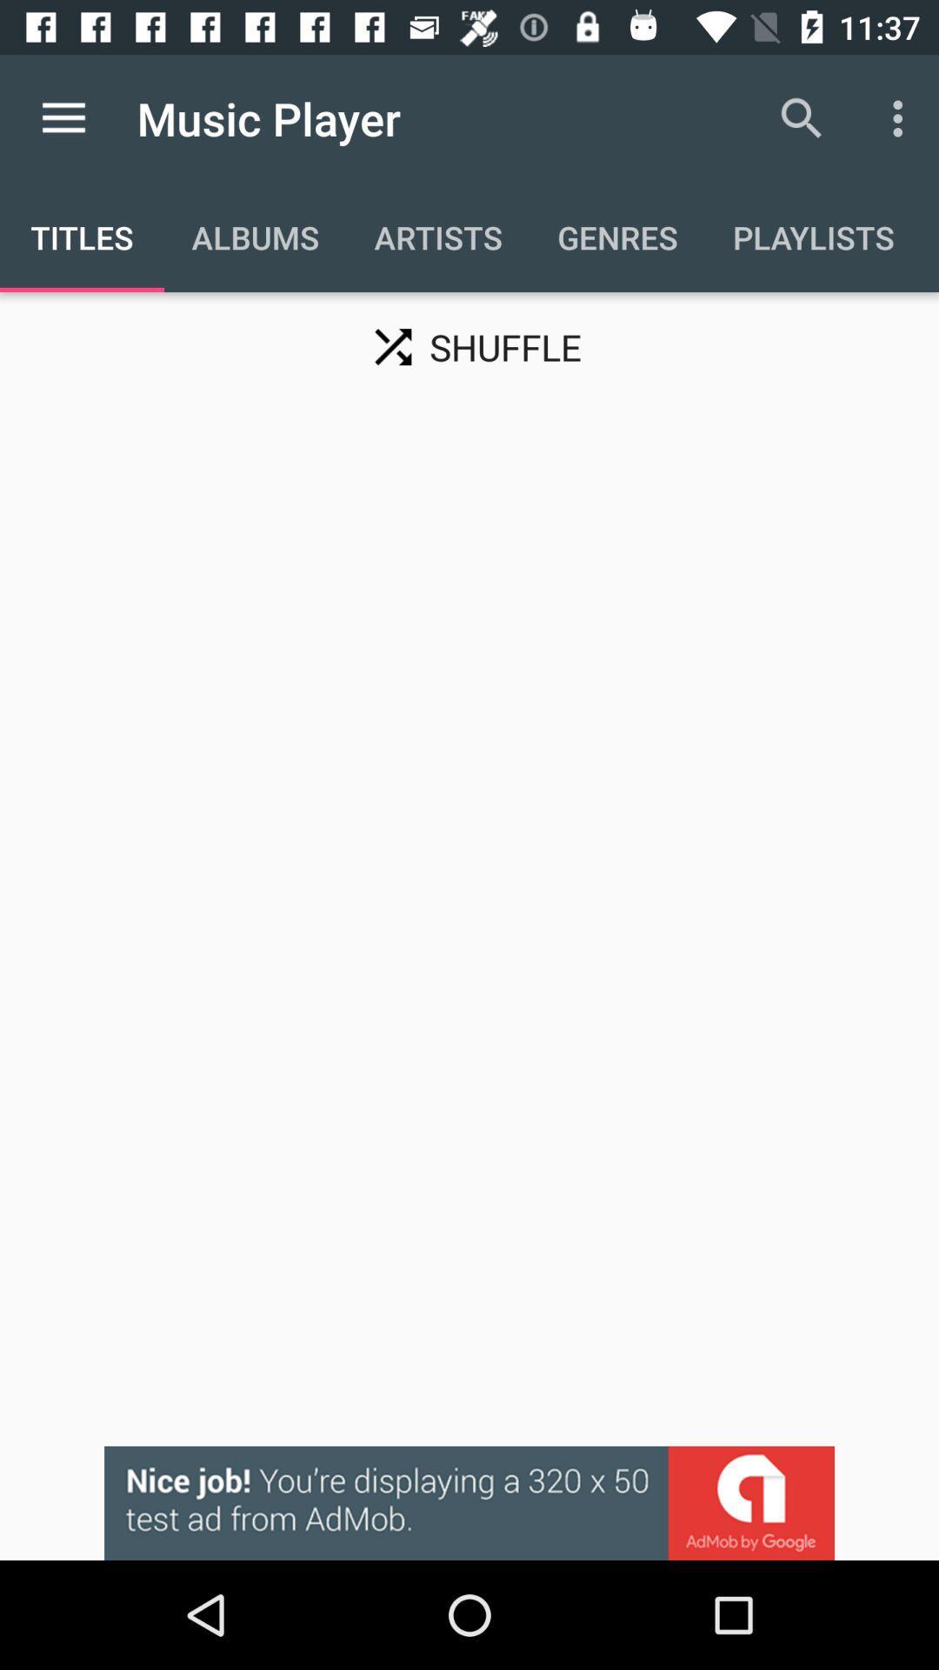 This screenshot has width=939, height=1670. Describe the element at coordinates (63, 117) in the screenshot. I see `menu` at that location.